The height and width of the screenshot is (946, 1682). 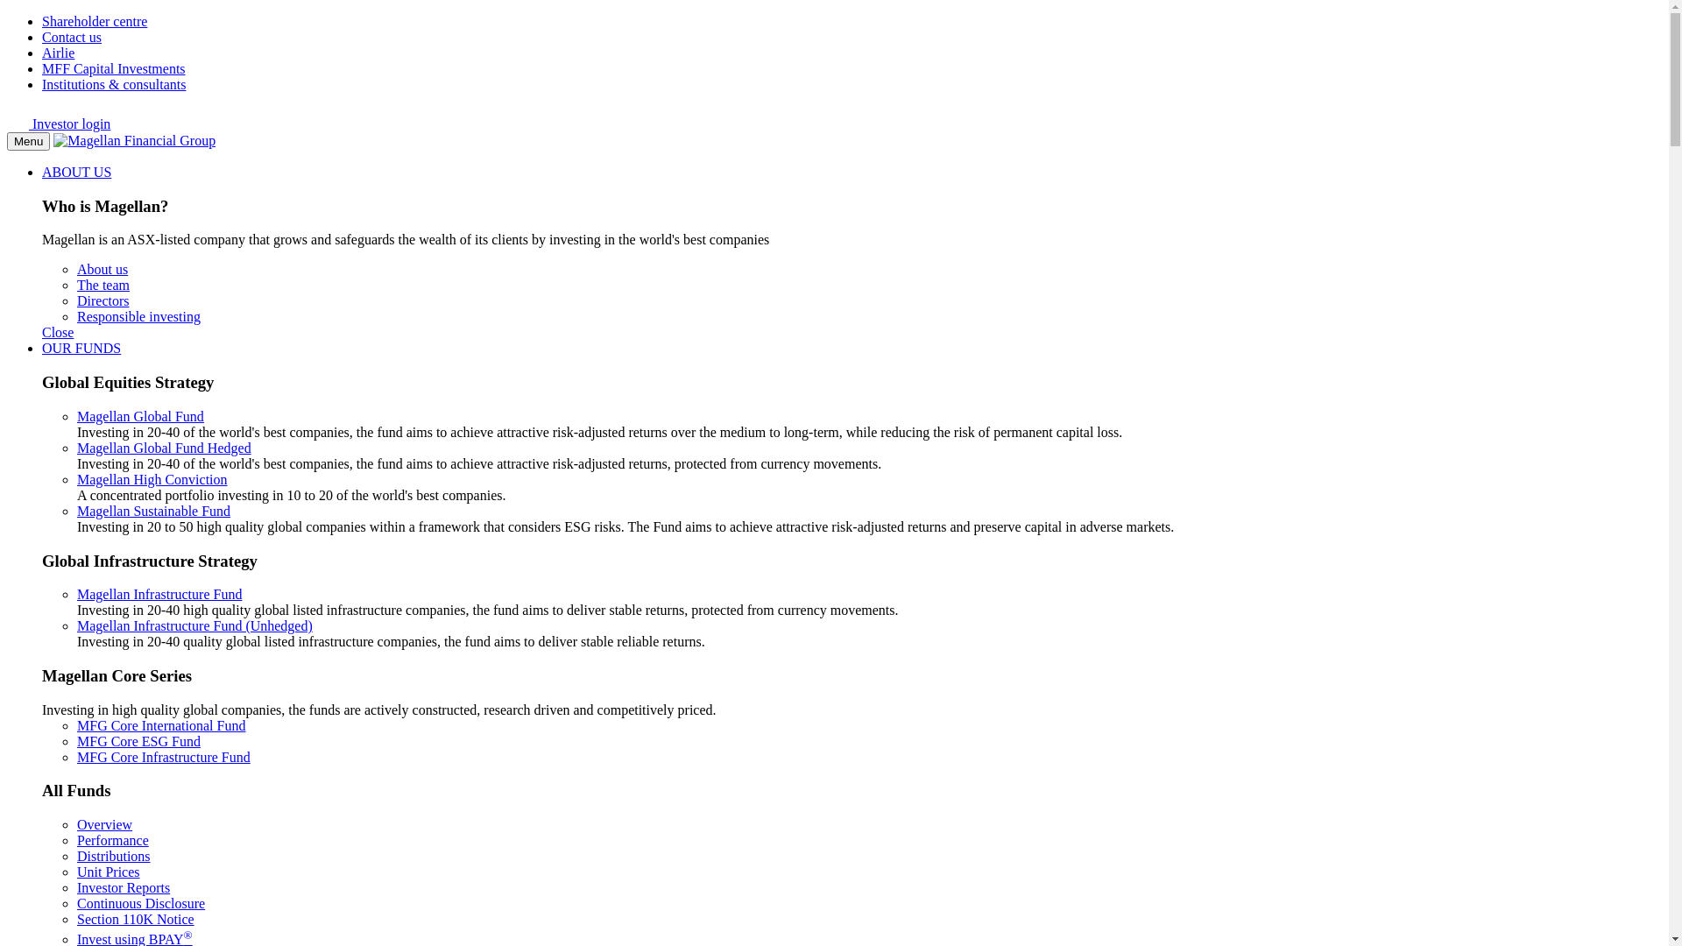 What do you see at coordinates (164, 447) in the screenshot?
I see `'Magellan Global Fund Hedged'` at bounding box center [164, 447].